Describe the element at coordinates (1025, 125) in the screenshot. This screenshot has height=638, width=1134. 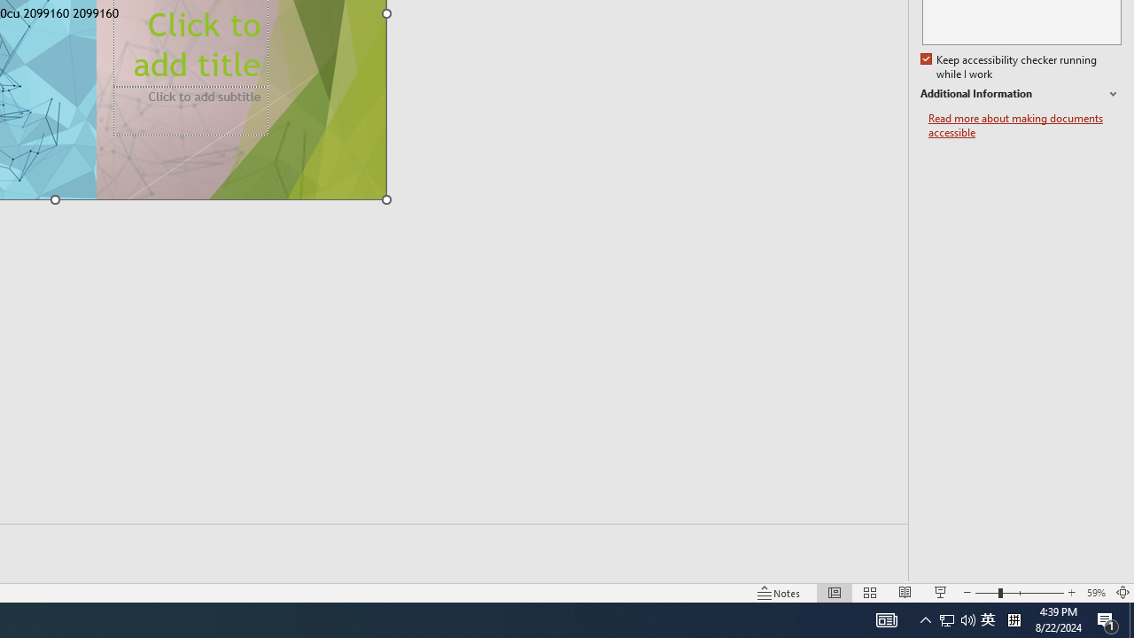
I see `'Read more about making documents accessible'` at that location.